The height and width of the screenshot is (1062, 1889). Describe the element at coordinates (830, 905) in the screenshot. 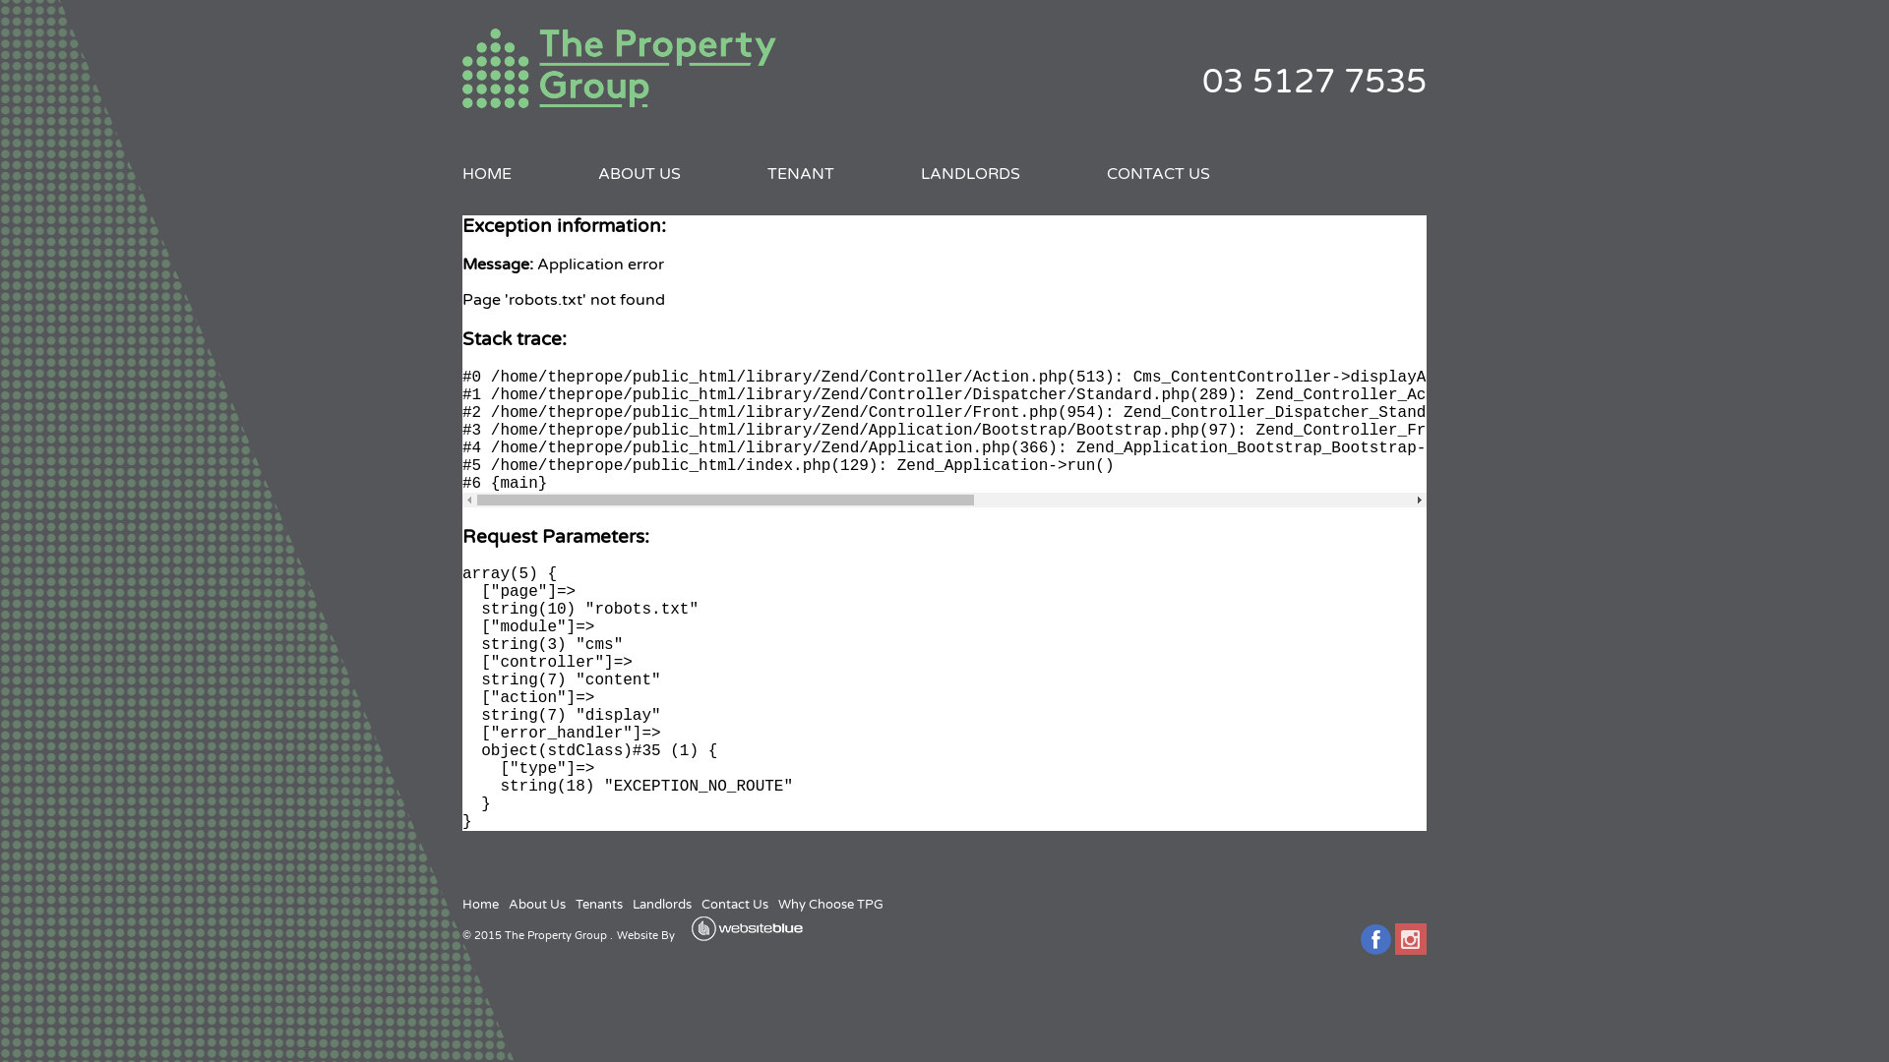

I see `'Why Choose TPG'` at that location.